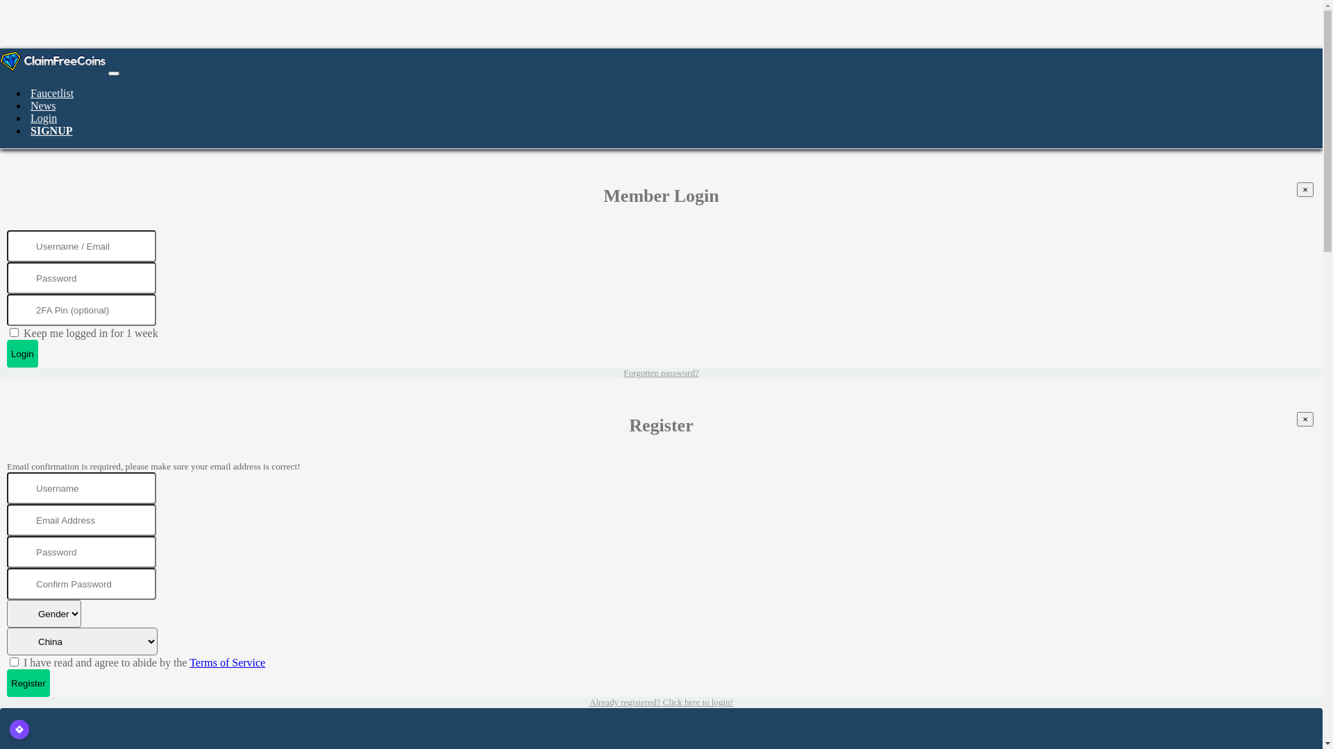 The height and width of the screenshot is (749, 1333). I want to click on 'Terms of Service', so click(227, 662).